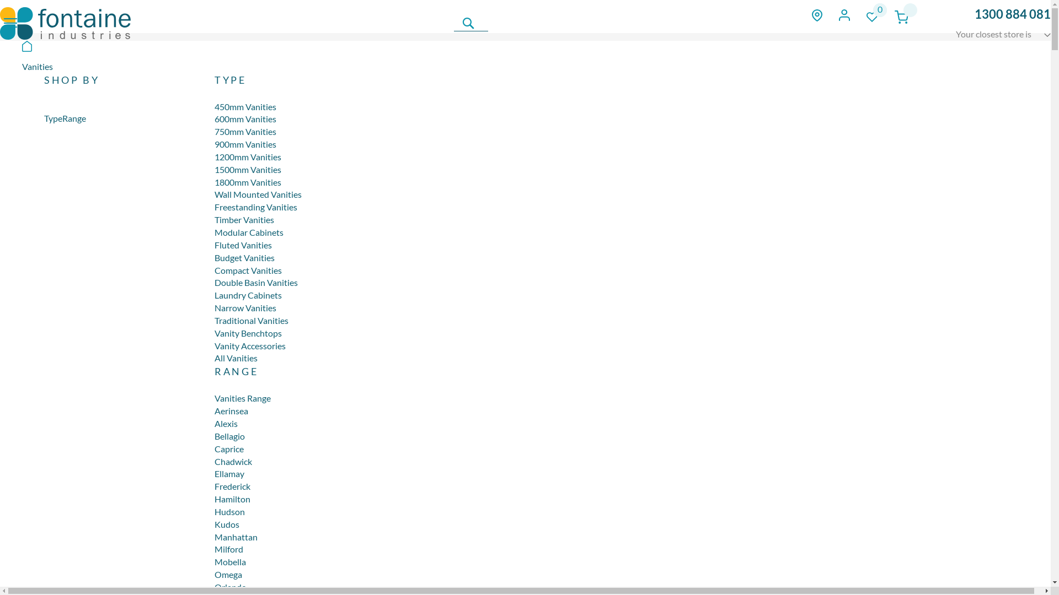  What do you see at coordinates (52, 118) in the screenshot?
I see `'Type'` at bounding box center [52, 118].